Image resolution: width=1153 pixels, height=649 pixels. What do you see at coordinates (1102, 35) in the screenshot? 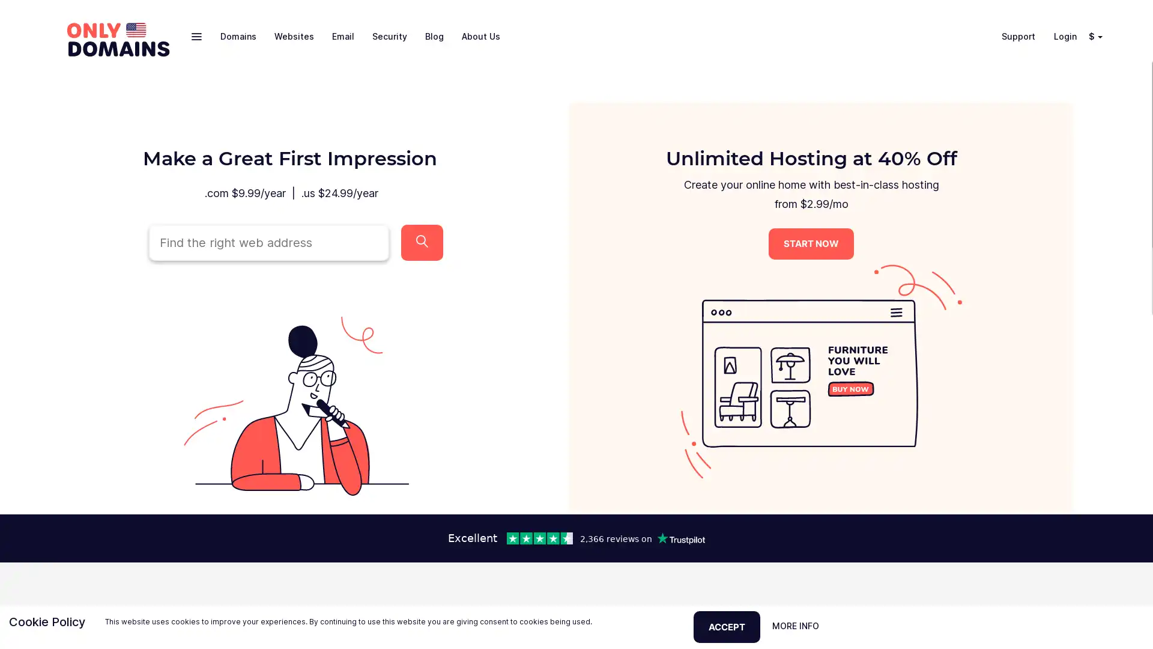
I see `Change Currency` at bounding box center [1102, 35].